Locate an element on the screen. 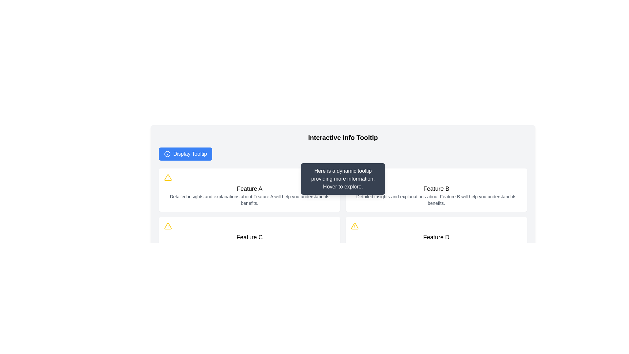 This screenshot has height=354, width=629. text block styled in a small gray font located under the title 'Feature B' in the right-side column of the layout is located at coordinates (436, 199).